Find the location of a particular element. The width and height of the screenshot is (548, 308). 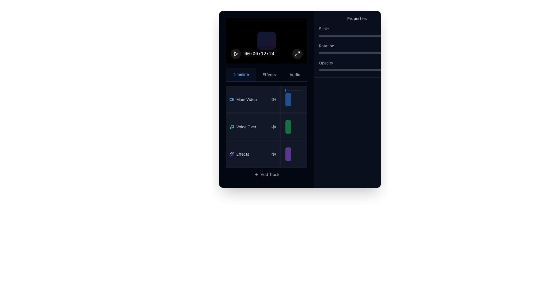

the 'Main Video' list item in the Timeline panel is located at coordinates (253, 99).